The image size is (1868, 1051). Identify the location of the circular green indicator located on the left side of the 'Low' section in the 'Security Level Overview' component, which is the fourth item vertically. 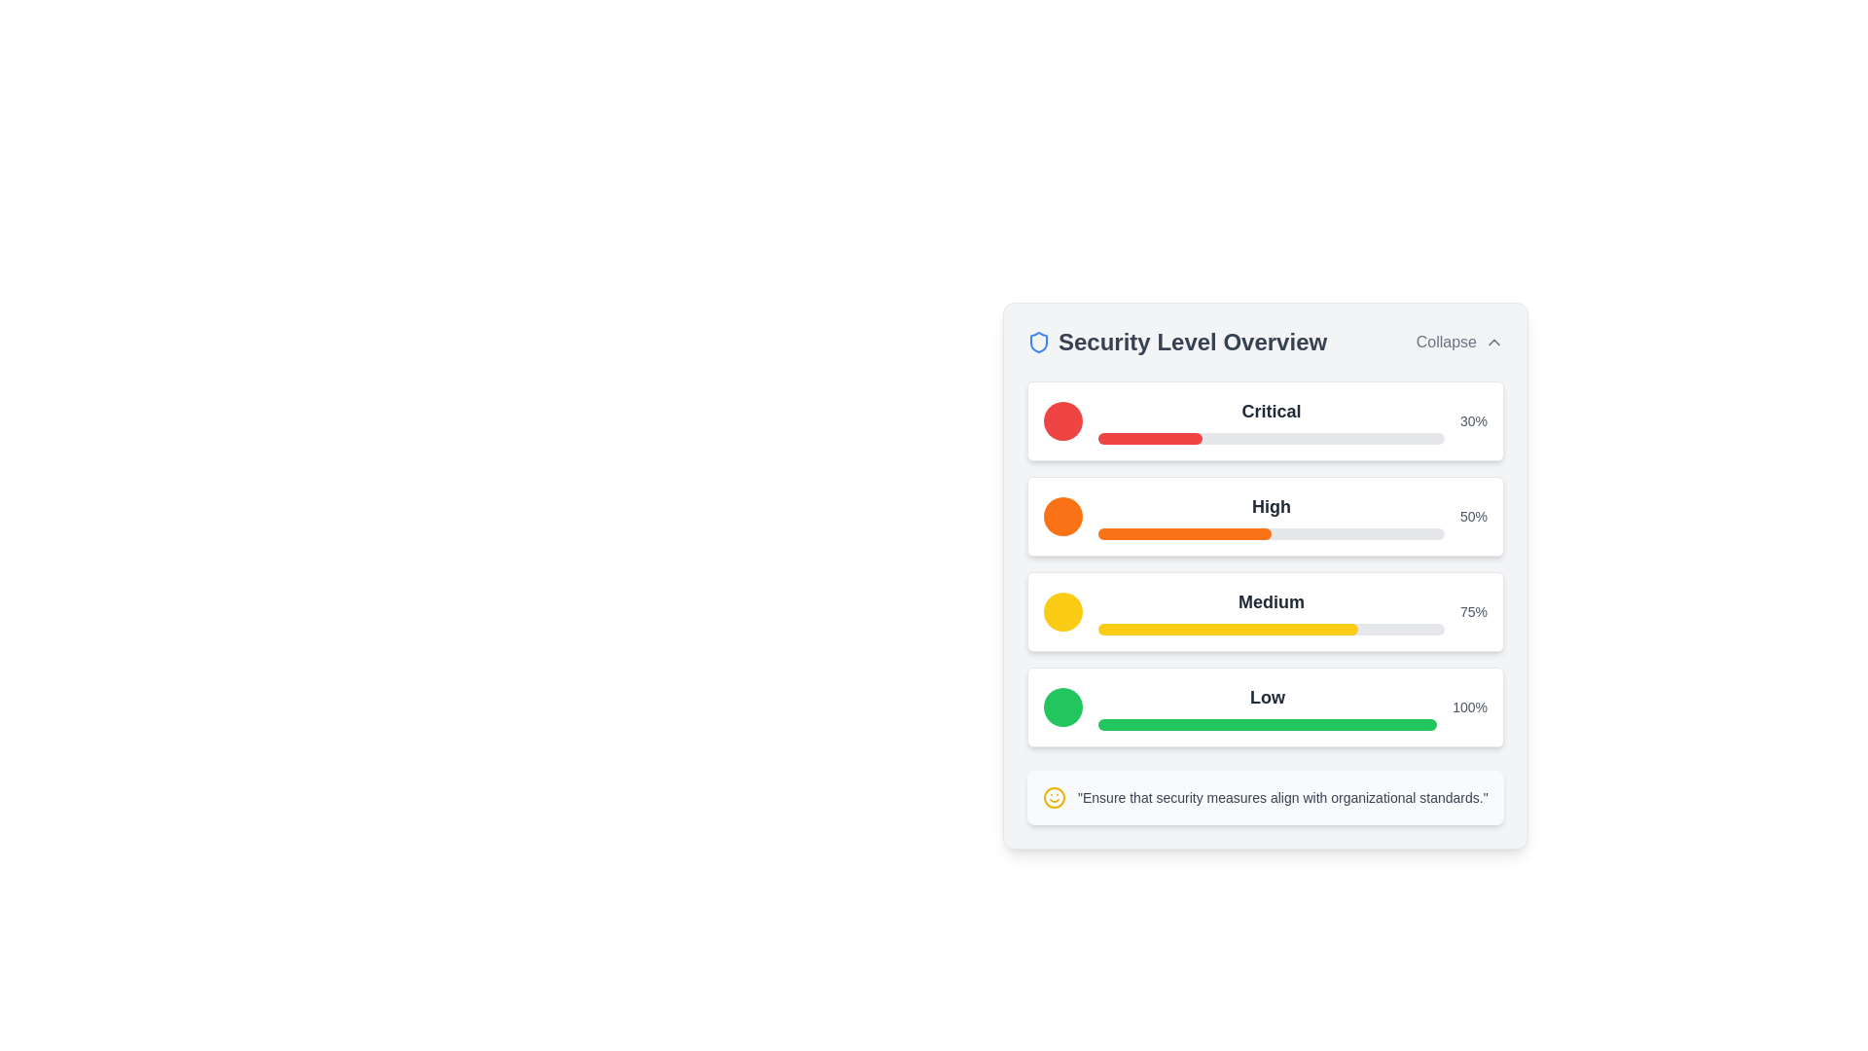
(1062, 707).